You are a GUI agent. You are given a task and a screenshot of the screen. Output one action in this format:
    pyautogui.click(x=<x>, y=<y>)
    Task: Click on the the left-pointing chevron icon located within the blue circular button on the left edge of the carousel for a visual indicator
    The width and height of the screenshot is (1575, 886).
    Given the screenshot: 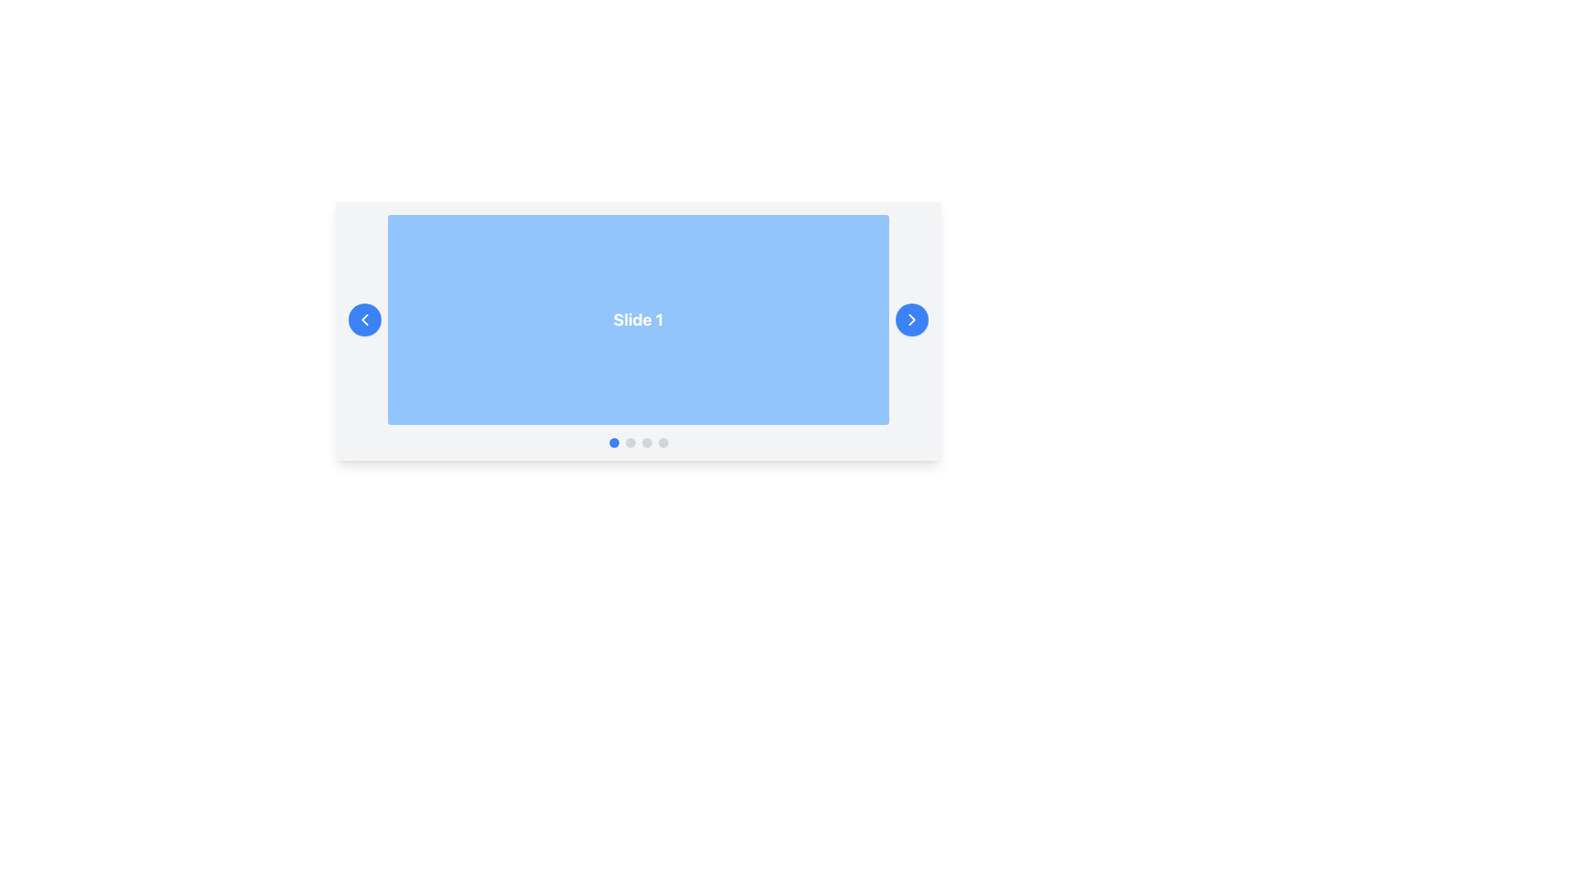 What is the action you would take?
    pyautogui.click(x=364, y=319)
    